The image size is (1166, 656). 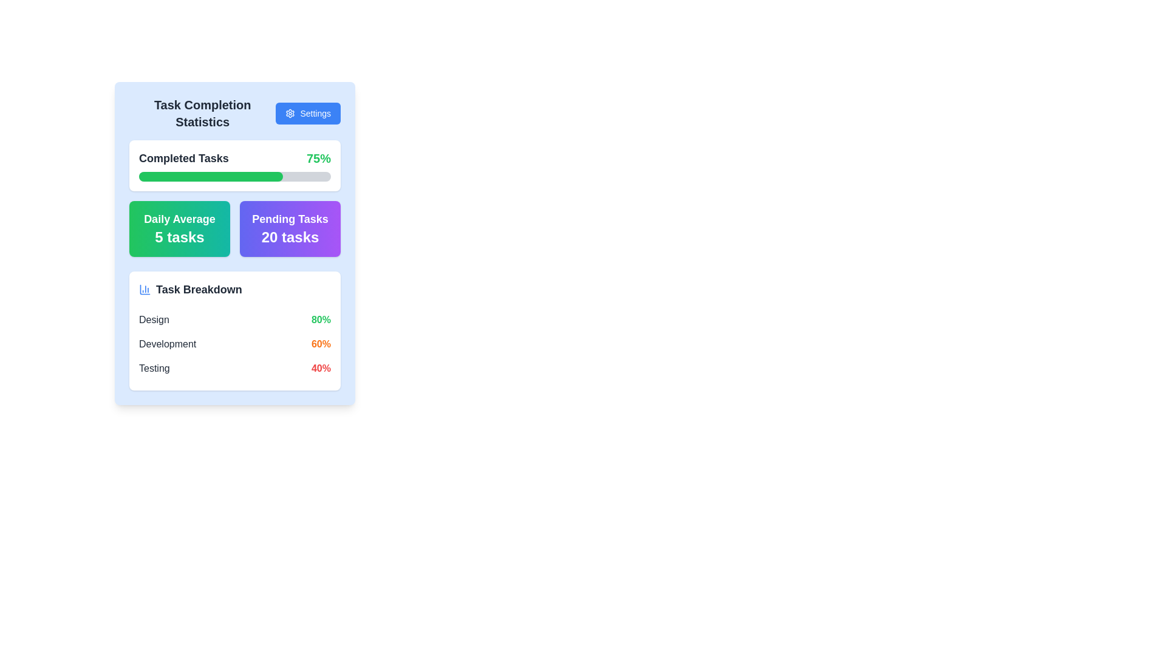 I want to click on the Informative card or text summary box that displays 'Pending Tasks' and '20 tasks', which is located in the second column of the layout, so click(x=290, y=229).